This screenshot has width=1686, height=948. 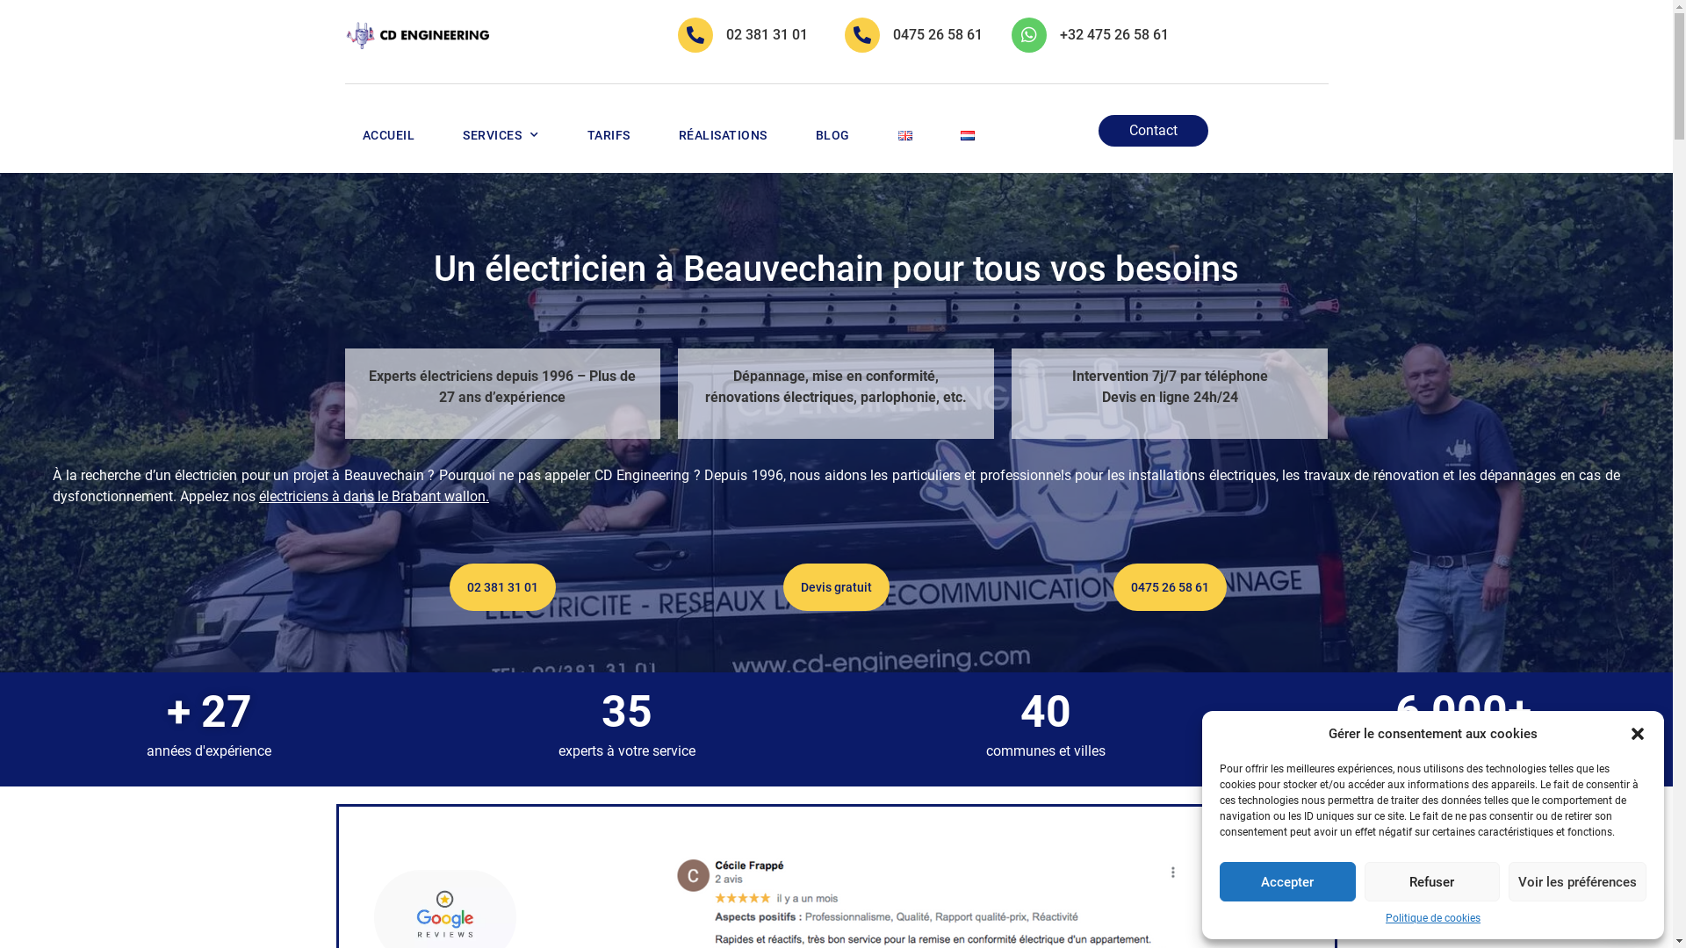 I want to click on 'Devis gratuit', so click(x=835, y=586).